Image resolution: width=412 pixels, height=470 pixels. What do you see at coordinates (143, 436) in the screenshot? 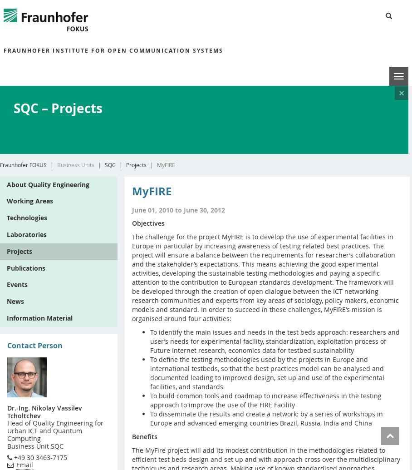
I see `'Benefits'` at bounding box center [143, 436].